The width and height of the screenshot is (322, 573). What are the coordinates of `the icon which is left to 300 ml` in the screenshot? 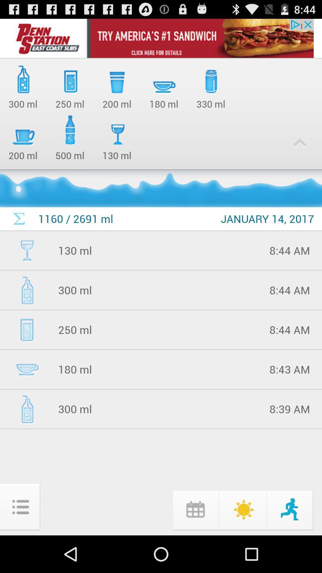 It's located at (27, 409).